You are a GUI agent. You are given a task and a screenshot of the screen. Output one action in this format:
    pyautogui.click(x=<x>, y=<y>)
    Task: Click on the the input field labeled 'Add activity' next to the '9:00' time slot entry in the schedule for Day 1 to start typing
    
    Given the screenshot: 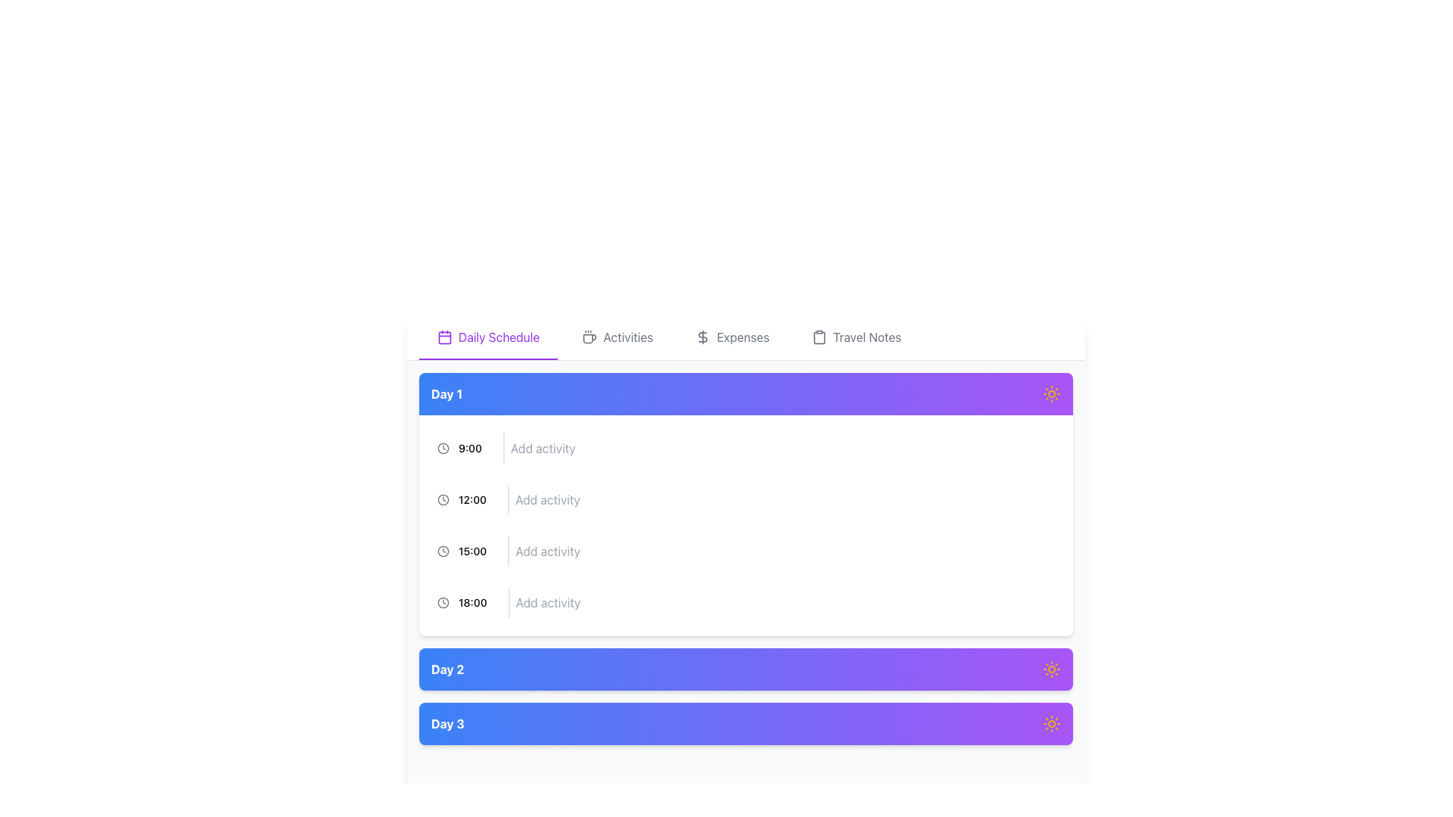 What is the action you would take?
    pyautogui.click(x=745, y=448)
    